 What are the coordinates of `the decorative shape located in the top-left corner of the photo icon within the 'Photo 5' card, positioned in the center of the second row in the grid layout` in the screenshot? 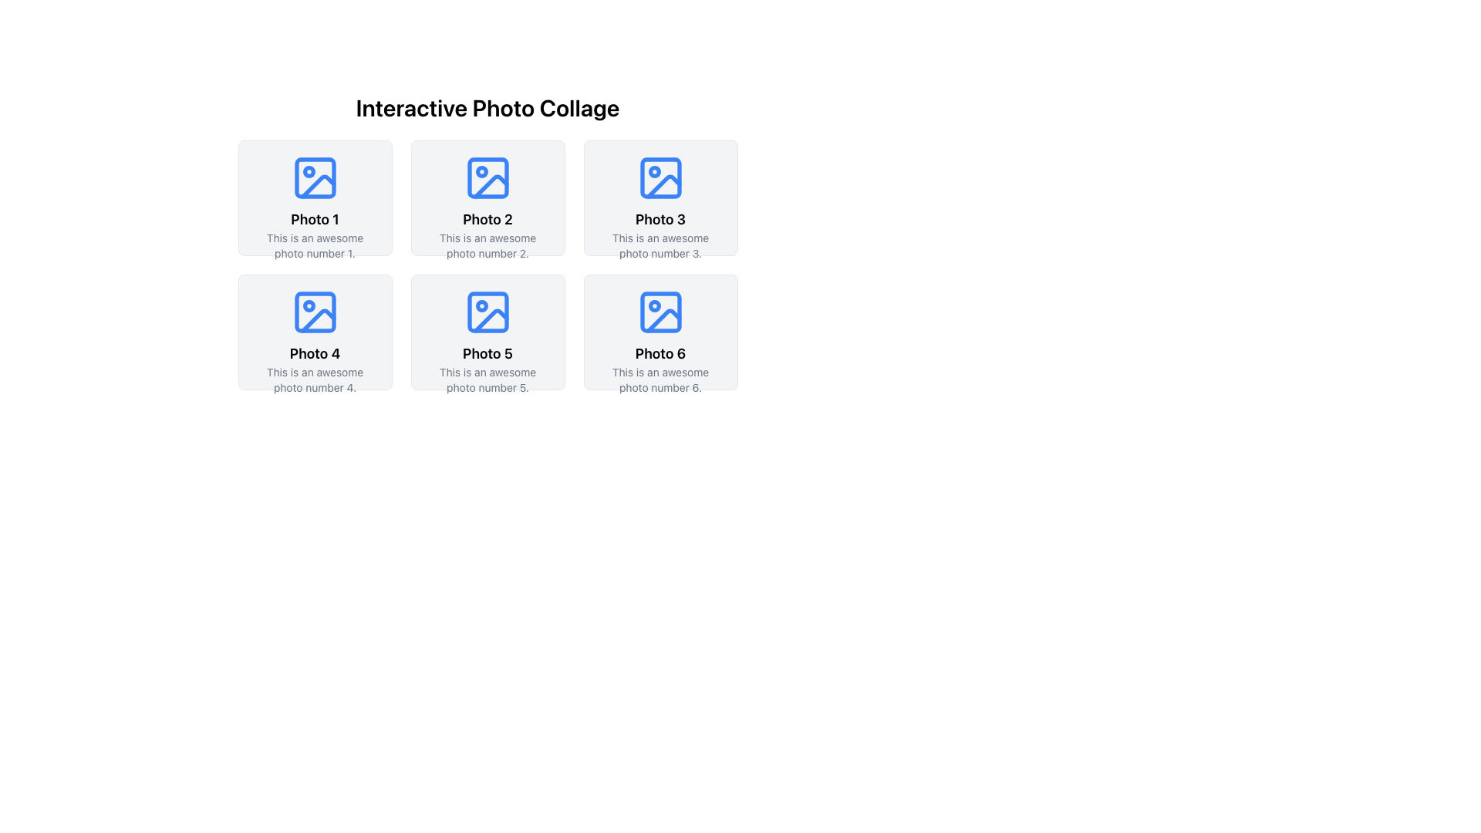 It's located at (487, 312).